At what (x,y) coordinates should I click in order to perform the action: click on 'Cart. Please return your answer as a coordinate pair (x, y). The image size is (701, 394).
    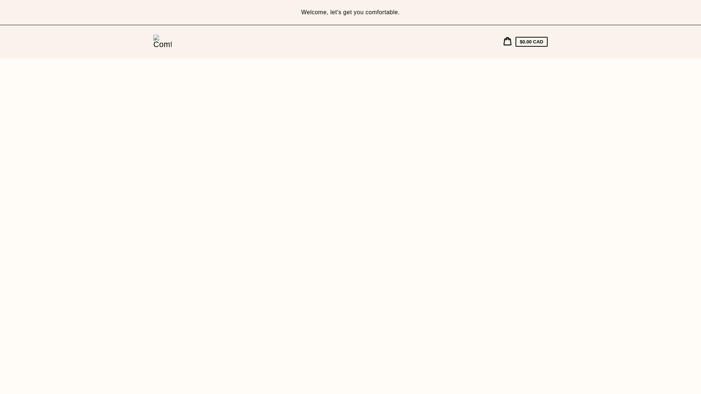
    Looking at the image, I should click on (525, 42).